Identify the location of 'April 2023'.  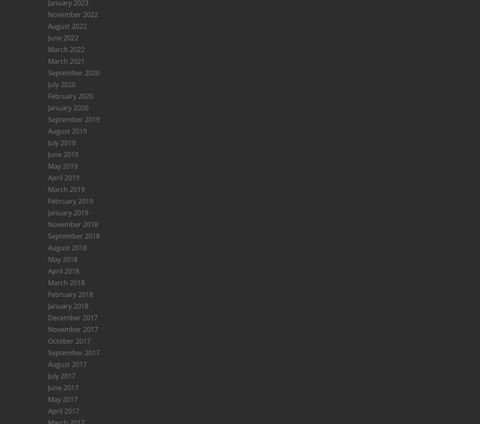
(63, 391).